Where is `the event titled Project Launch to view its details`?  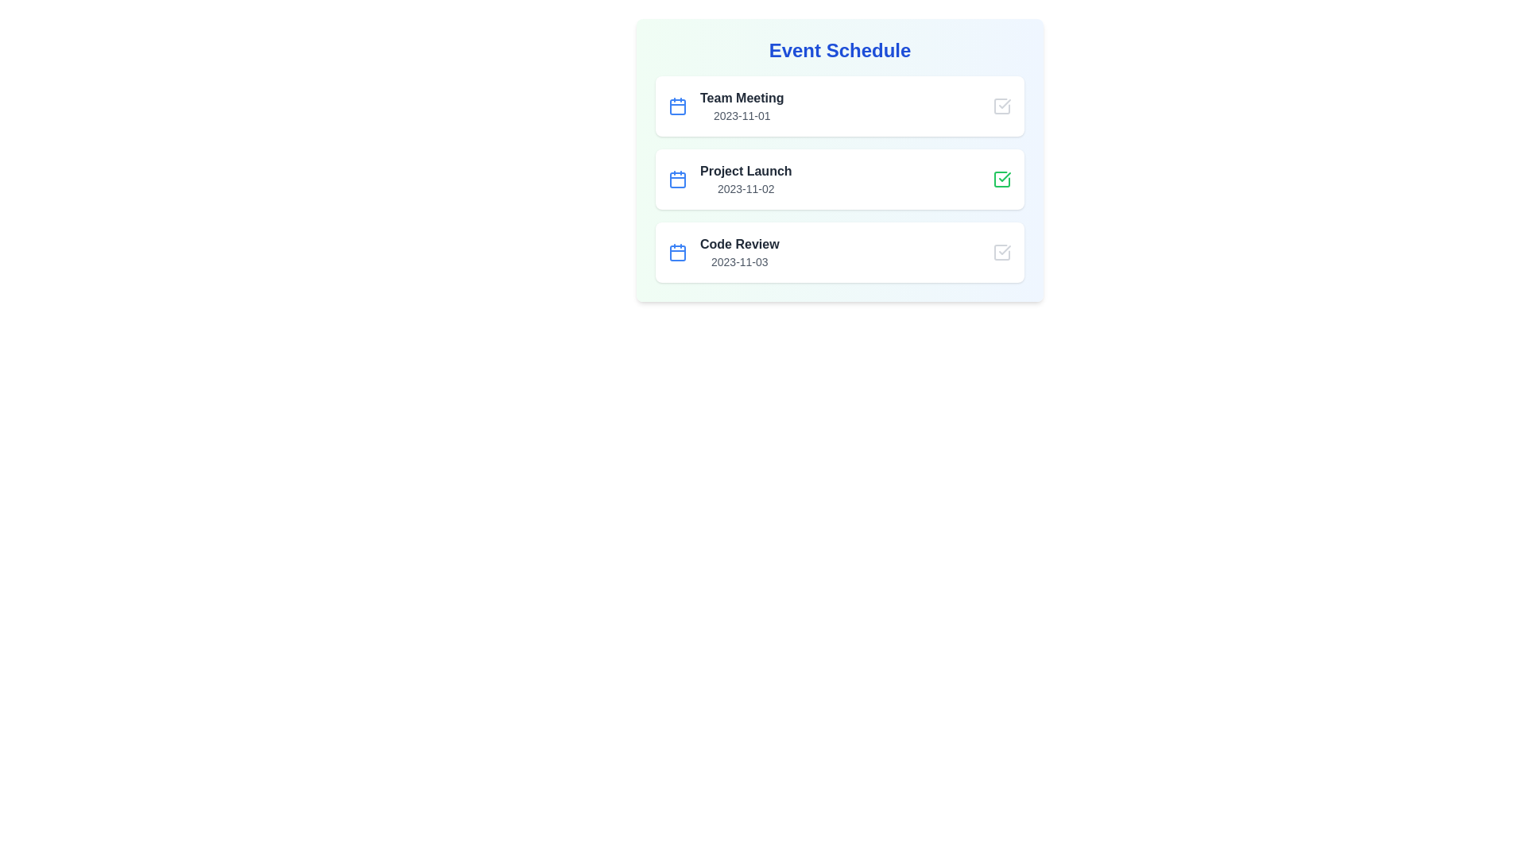
the event titled Project Launch to view its details is located at coordinates (745, 172).